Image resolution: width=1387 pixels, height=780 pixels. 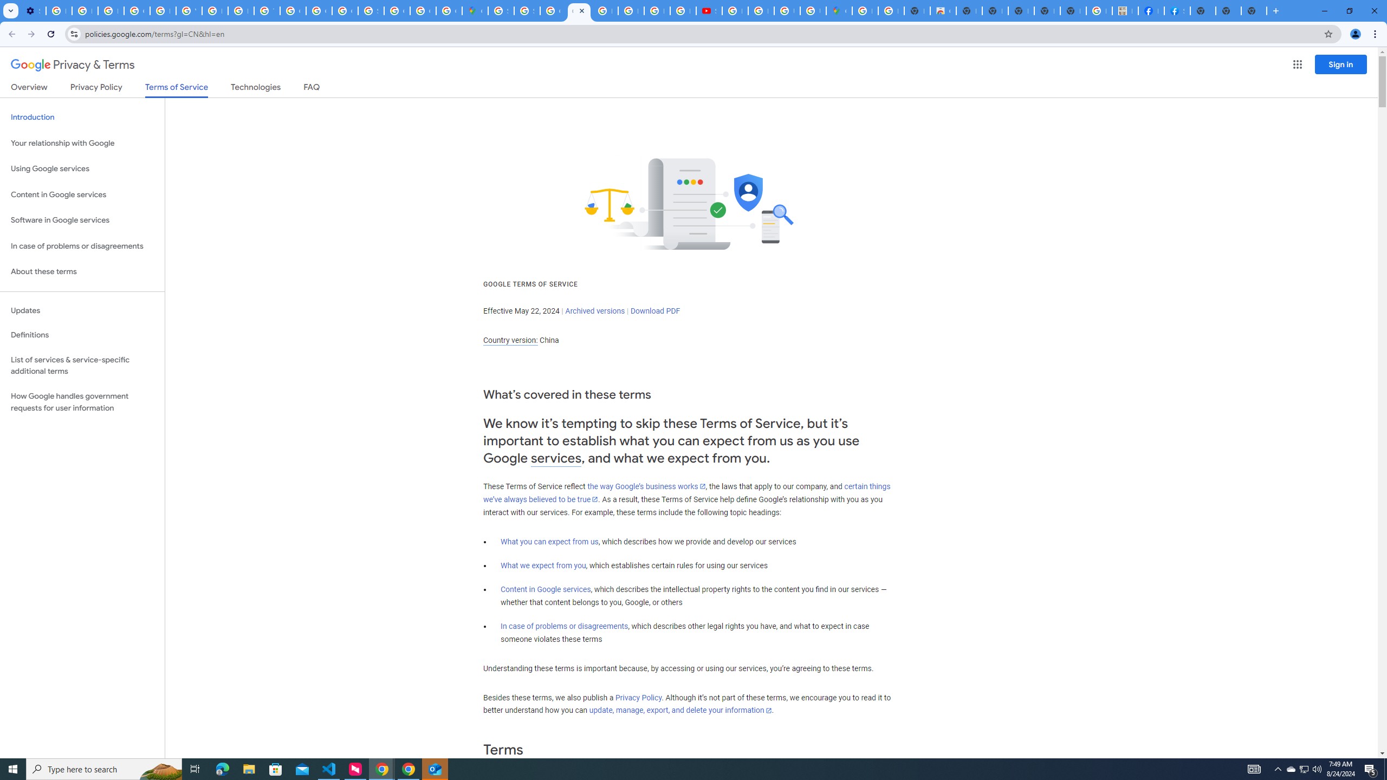 I want to click on 'Delete photos & videos - Computer - Google Photos Help', so click(x=58, y=10).